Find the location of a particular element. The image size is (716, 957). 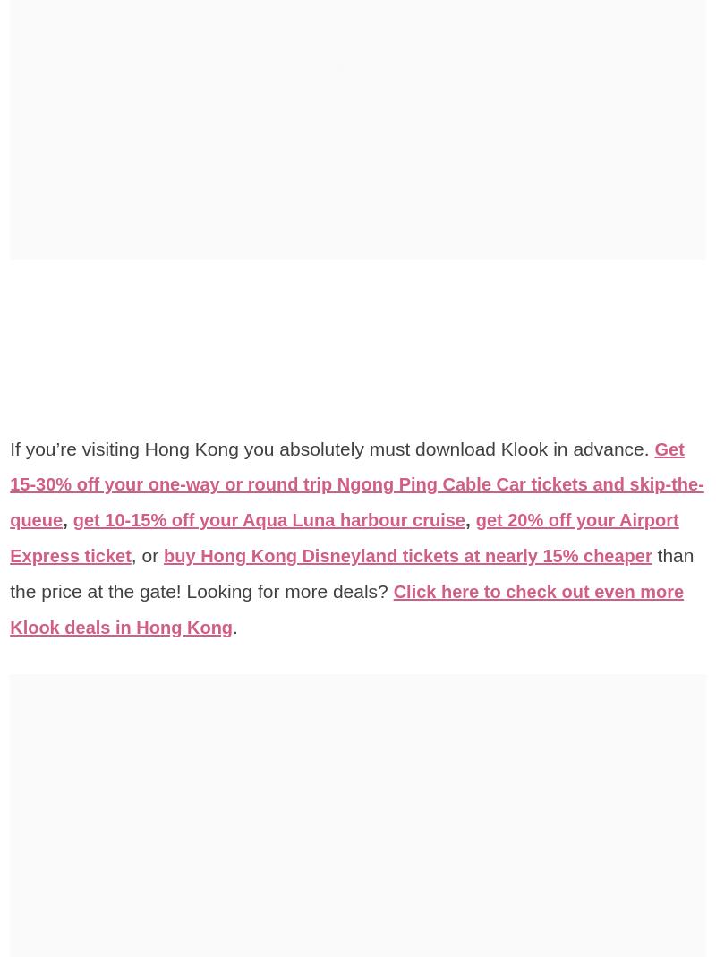

'Get 15-30% off your one-way or round trip Ngong Ping Cable Car tickets and skip-the-queue' is located at coordinates (356, 483).